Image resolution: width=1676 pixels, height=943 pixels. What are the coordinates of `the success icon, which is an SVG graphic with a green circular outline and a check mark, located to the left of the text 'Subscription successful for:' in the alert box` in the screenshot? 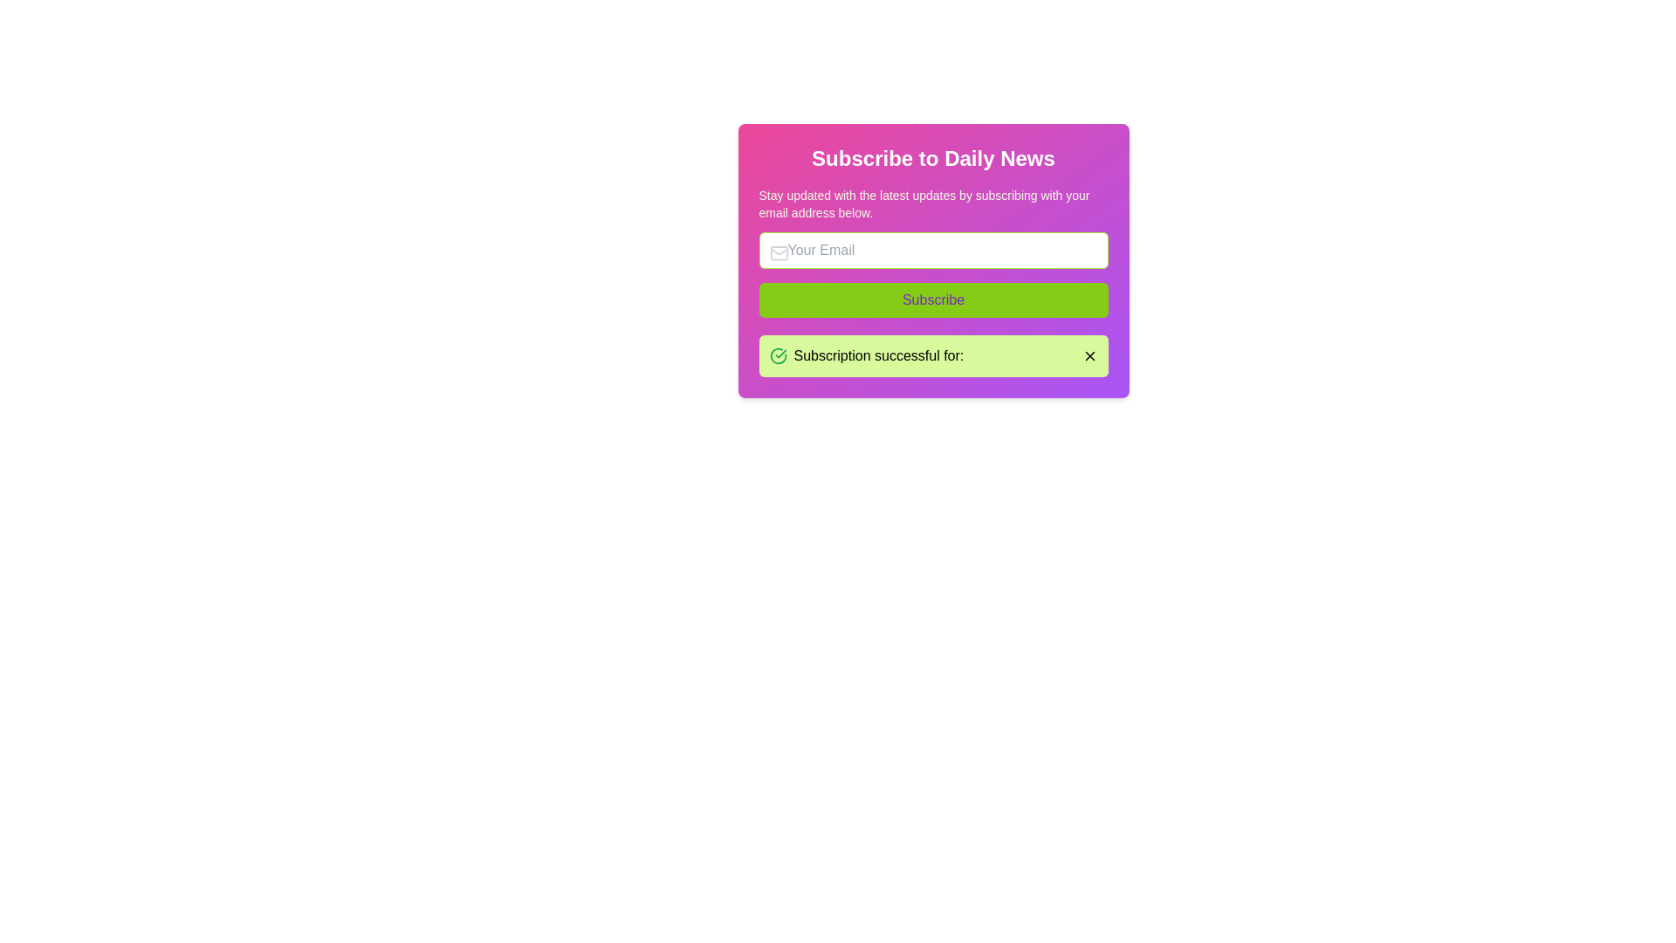 It's located at (777, 355).